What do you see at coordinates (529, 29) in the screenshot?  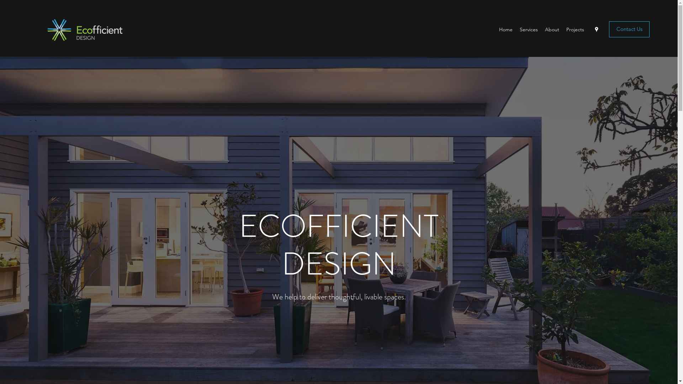 I see `'Services'` at bounding box center [529, 29].